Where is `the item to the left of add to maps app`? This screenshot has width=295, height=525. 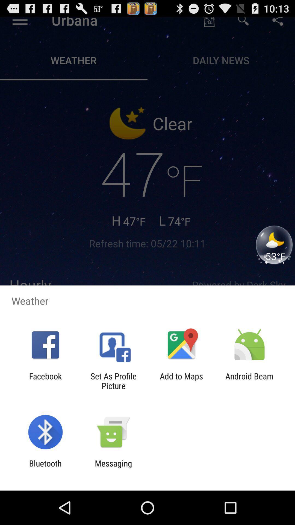
the item to the left of add to maps app is located at coordinates (113, 381).